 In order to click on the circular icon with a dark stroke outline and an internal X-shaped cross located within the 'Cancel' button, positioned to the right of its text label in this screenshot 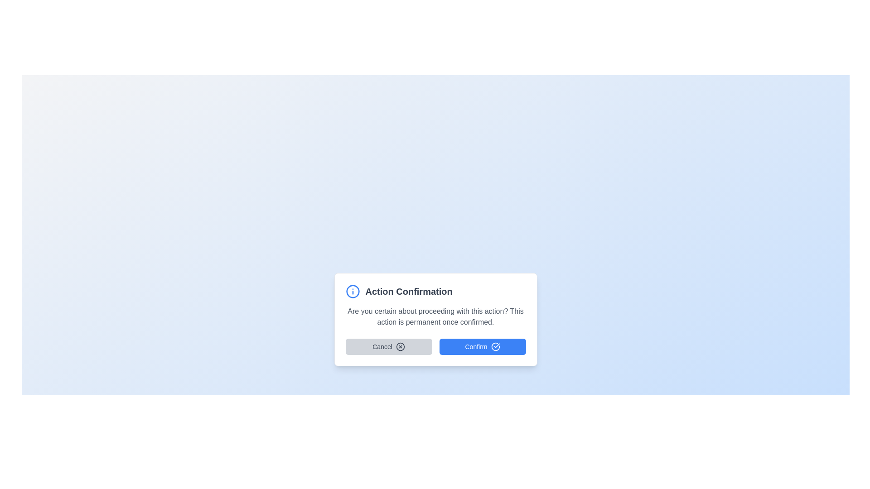, I will do `click(400, 346)`.